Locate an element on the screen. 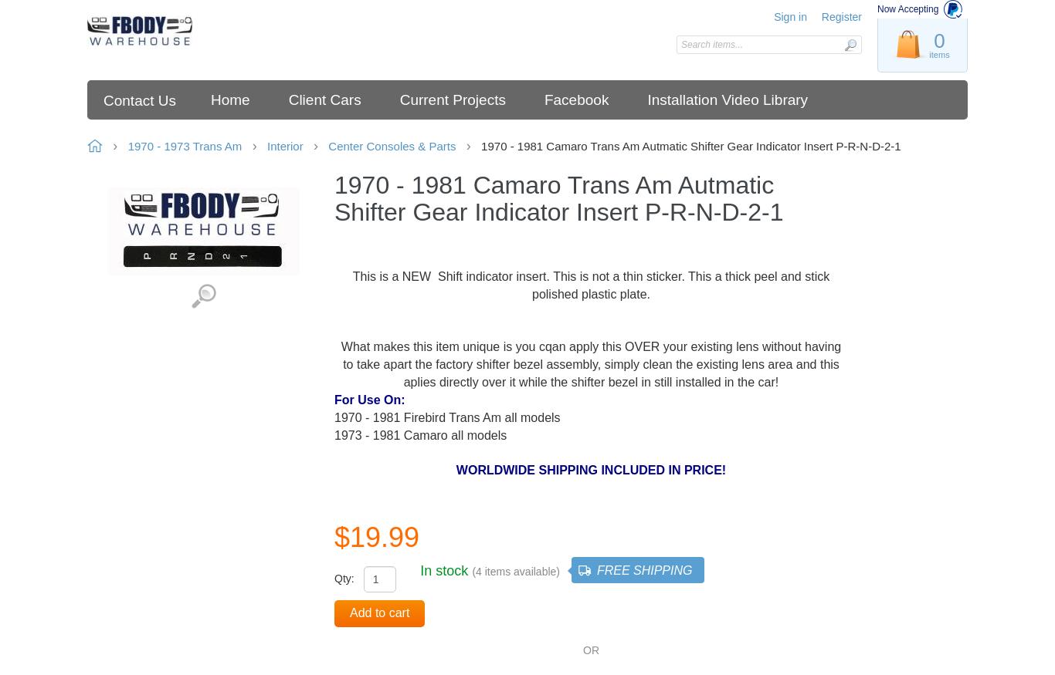 The height and width of the screenshot is (675, 1055). 'Center Consoles & Parts' is located at coordinates (392, 146).